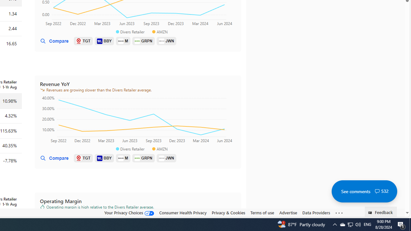 Image resolution: width=411 pixels, height=231 pixels. I want to click on 'Class: oneFooter_seeMore-DS-EntryPoint1-1', so click(339, 213).